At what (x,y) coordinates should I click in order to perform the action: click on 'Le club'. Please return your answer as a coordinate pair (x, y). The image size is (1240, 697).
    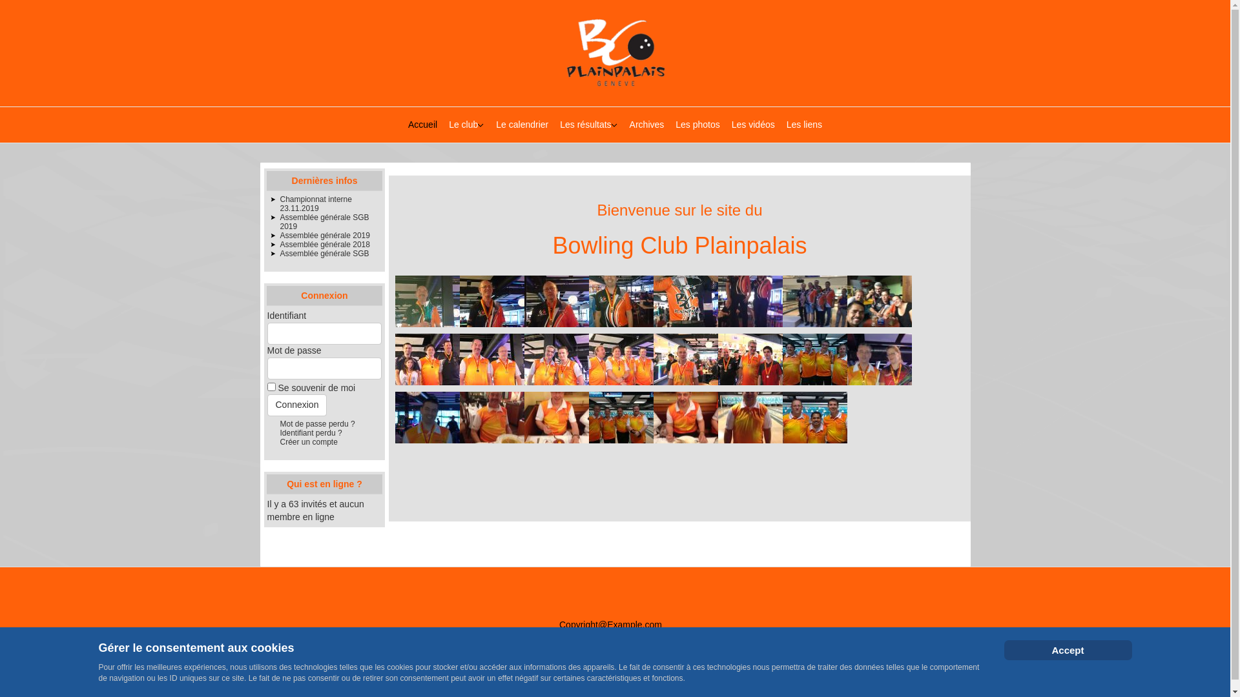
    Looking at the image, I should click on (466, 125).